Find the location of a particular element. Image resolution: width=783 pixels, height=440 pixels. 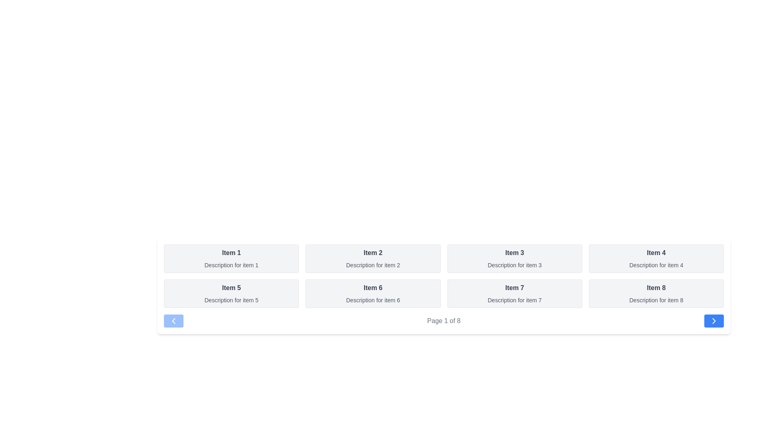

the text label 'Item 3' styled in bold with dark gray color is located at coordinates (514, 253).